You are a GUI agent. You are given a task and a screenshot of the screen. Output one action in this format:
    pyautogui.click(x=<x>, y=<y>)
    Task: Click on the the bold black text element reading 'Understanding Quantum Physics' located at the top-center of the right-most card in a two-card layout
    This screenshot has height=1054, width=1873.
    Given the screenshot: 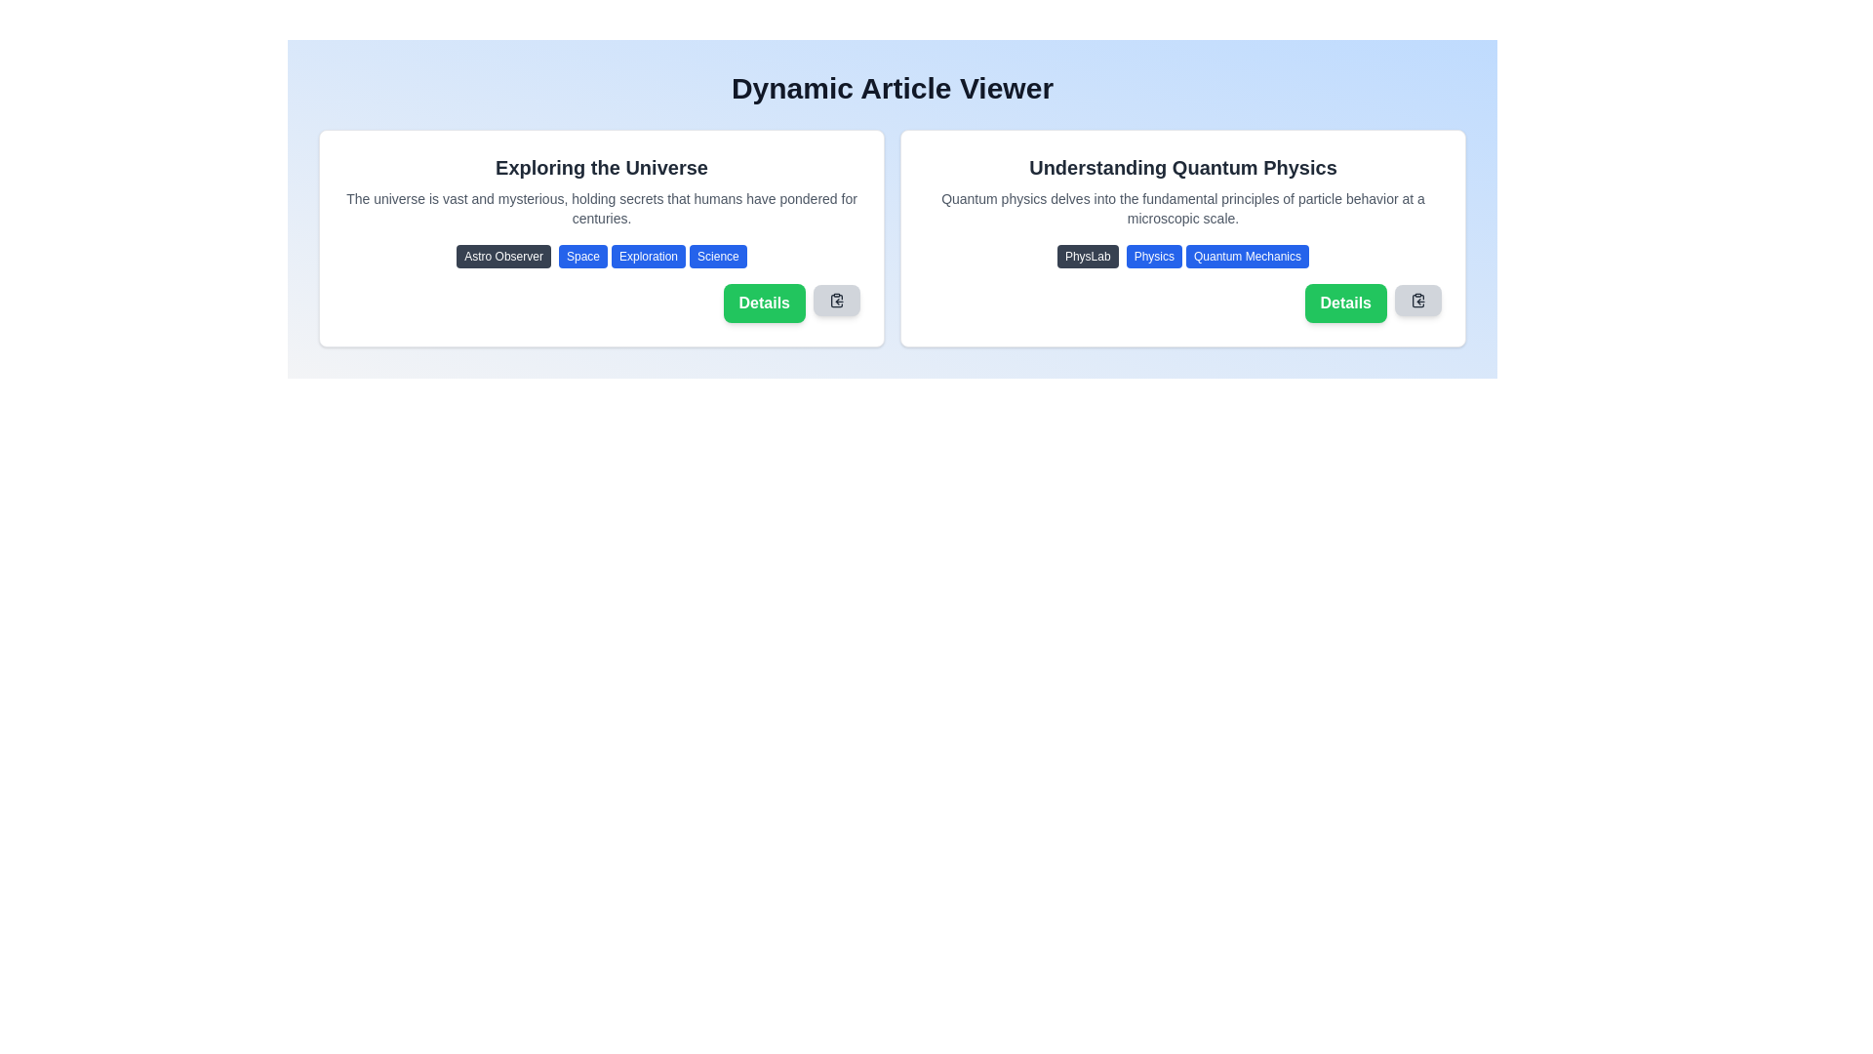 What is the action you would take?
    pyautogui.click(x=1182, y=167)
    